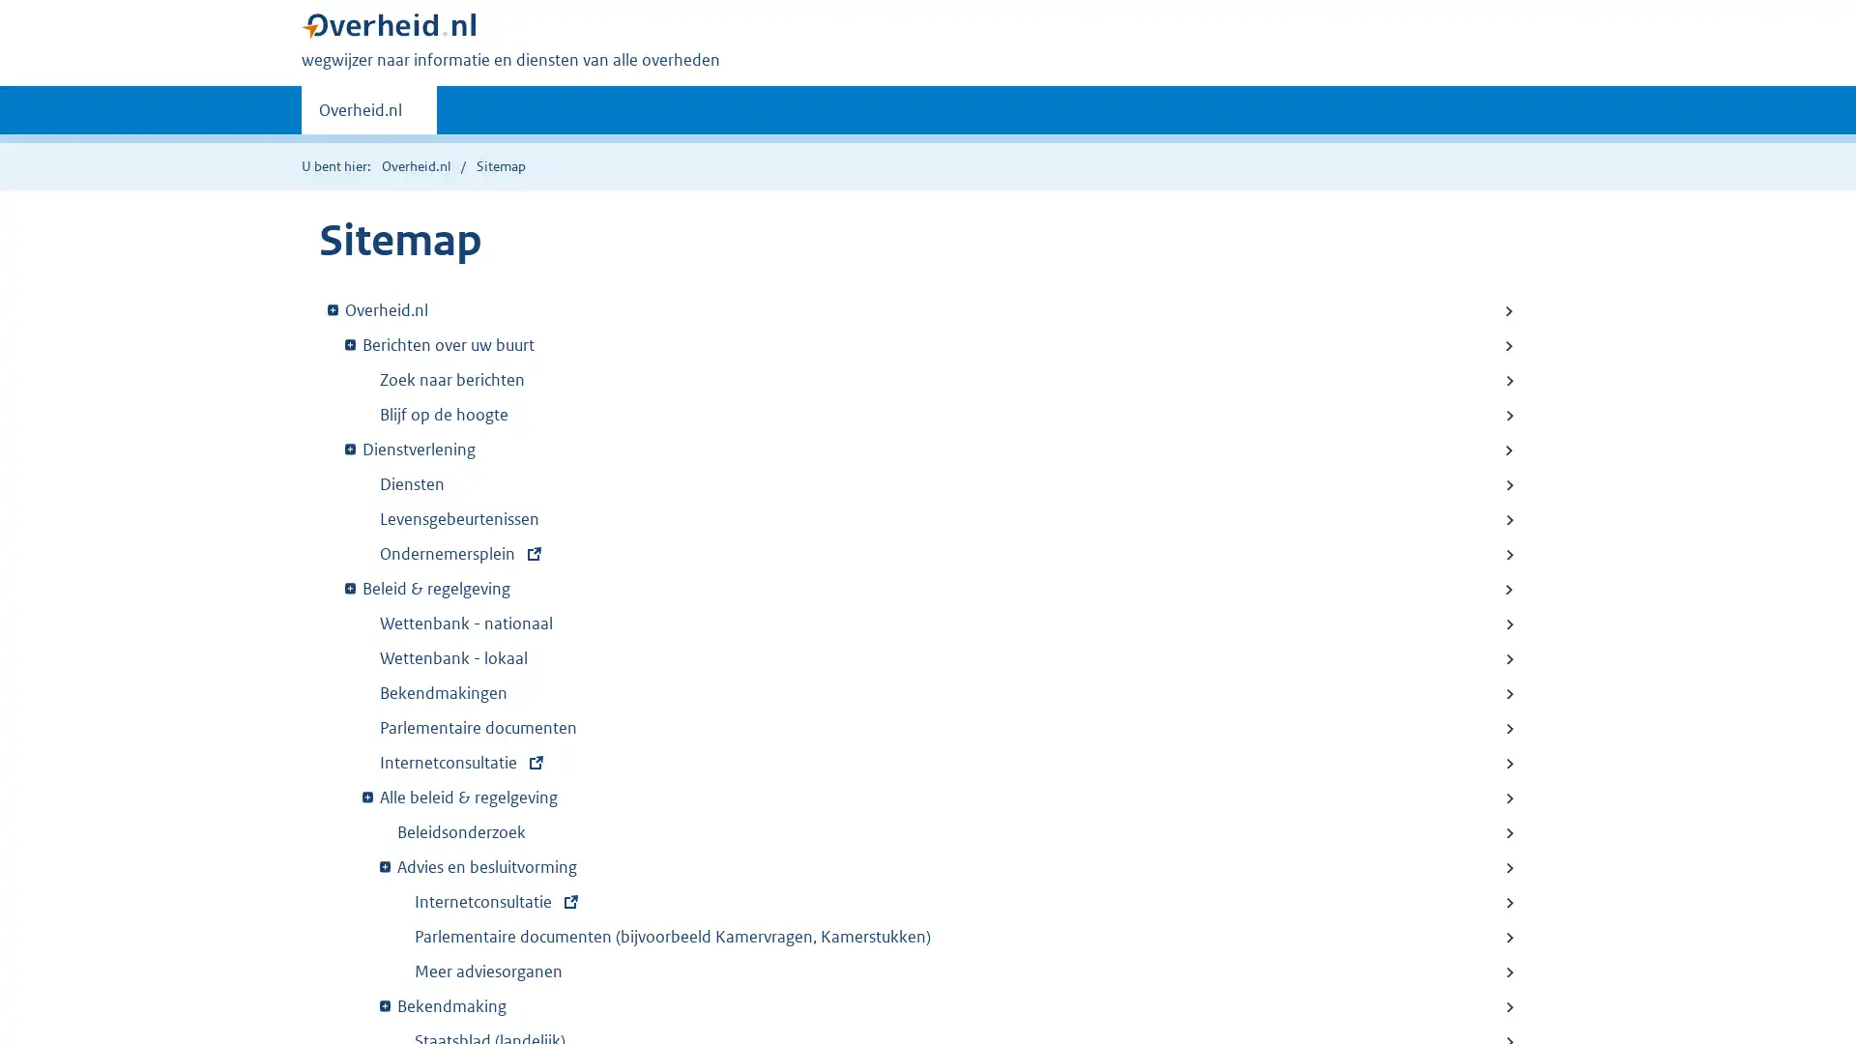 This screenshot has width=1856, height=1044. Describe the element at coordinates (367, 796) in the screenshot. I see `Verberg onderliggende` at that location.